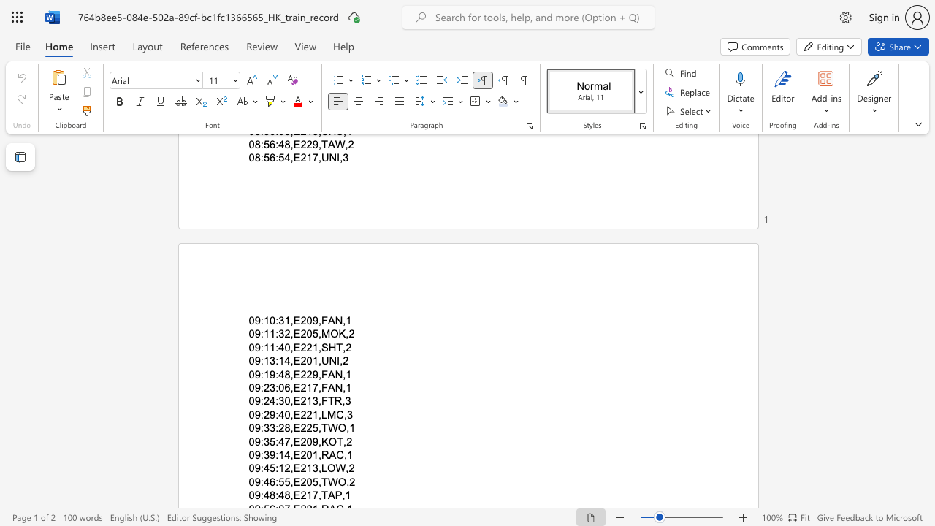 This screenshot has width=935, height=526. I want to click on the space between the continuous character "1" and "9" in the text, so click(270, 373).